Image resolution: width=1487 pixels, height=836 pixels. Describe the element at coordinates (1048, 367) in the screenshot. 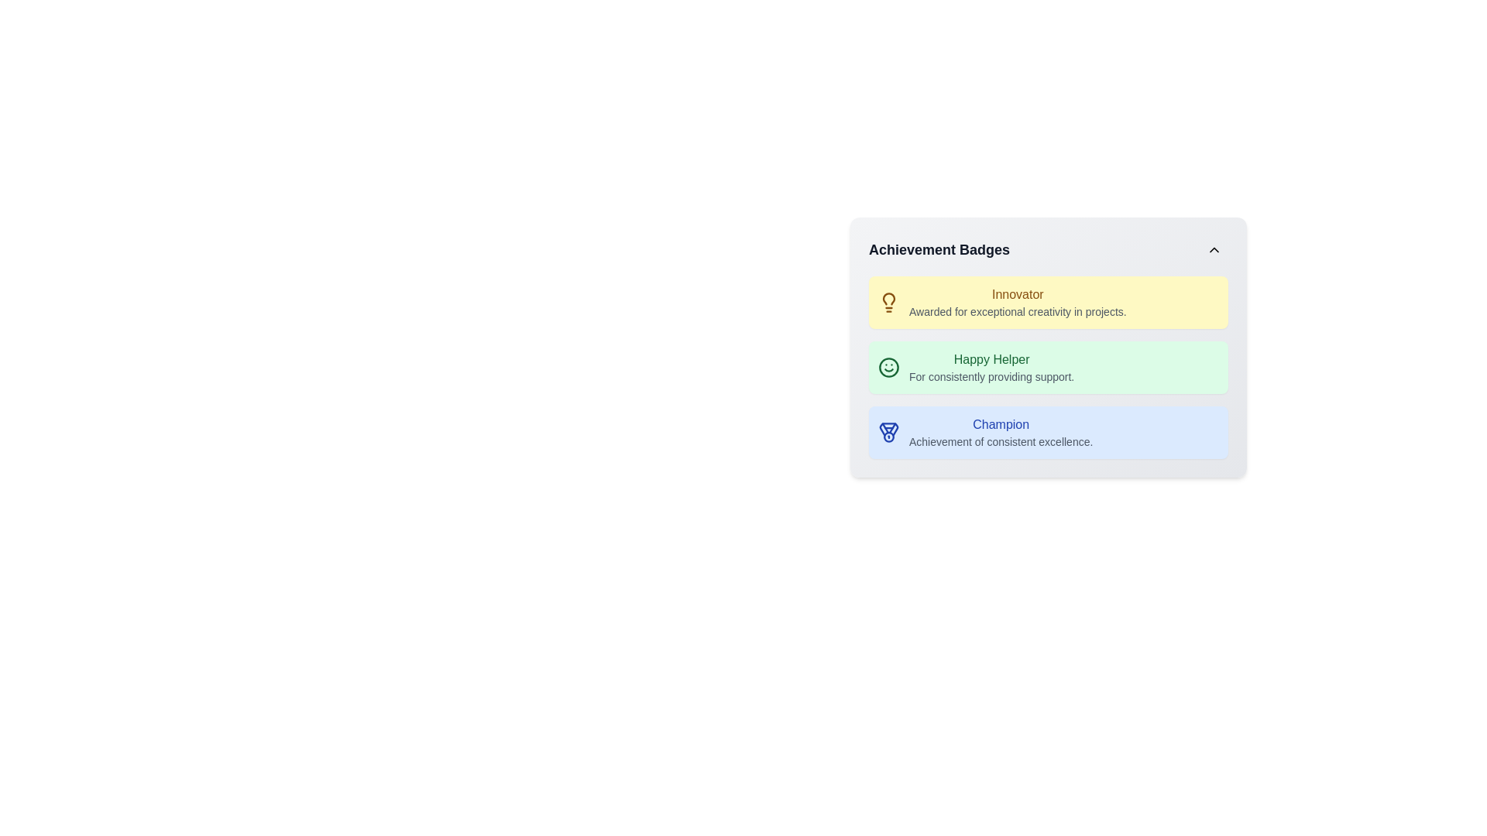

I see `the 'Happy Helper' award badge, which is a green rectangular badge with a smiley face icon on the left and two lines of text to the right, located within the 'Achievement Badges' panel` at that location.